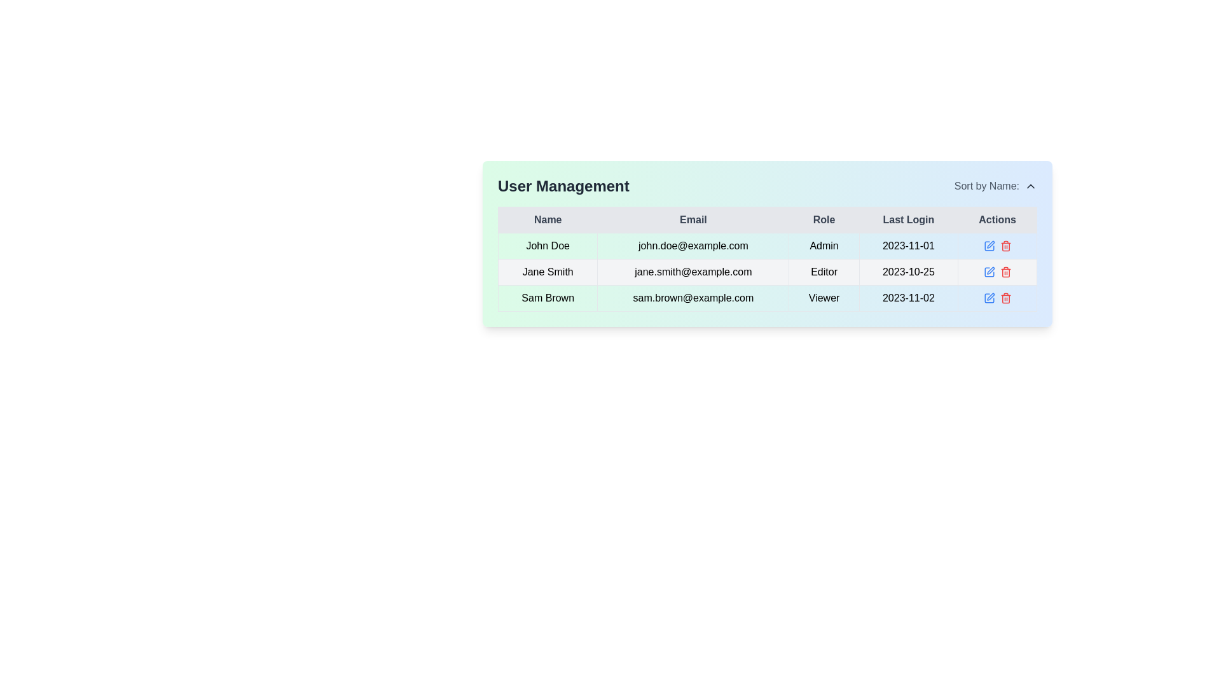 This screenshot has height=687, width=1221. I want to click on text content of the label displaying '2023-10-25' in the fourth column of the second row under the 'User Management' section, so click(907, 272).